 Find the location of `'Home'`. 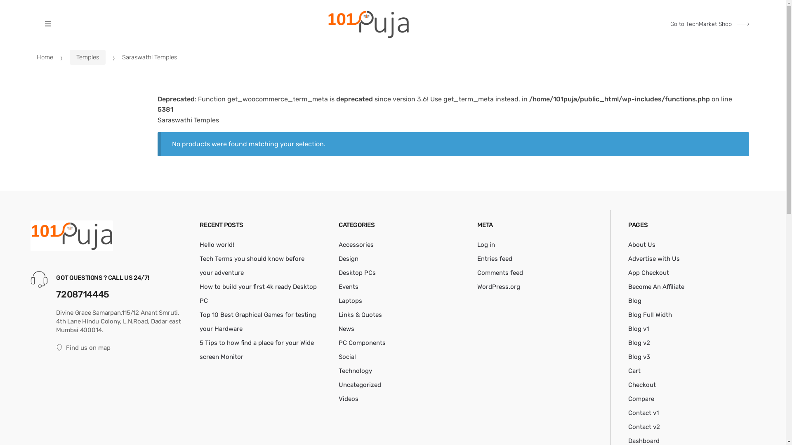

'Home' is located at coordinates (36, 56).